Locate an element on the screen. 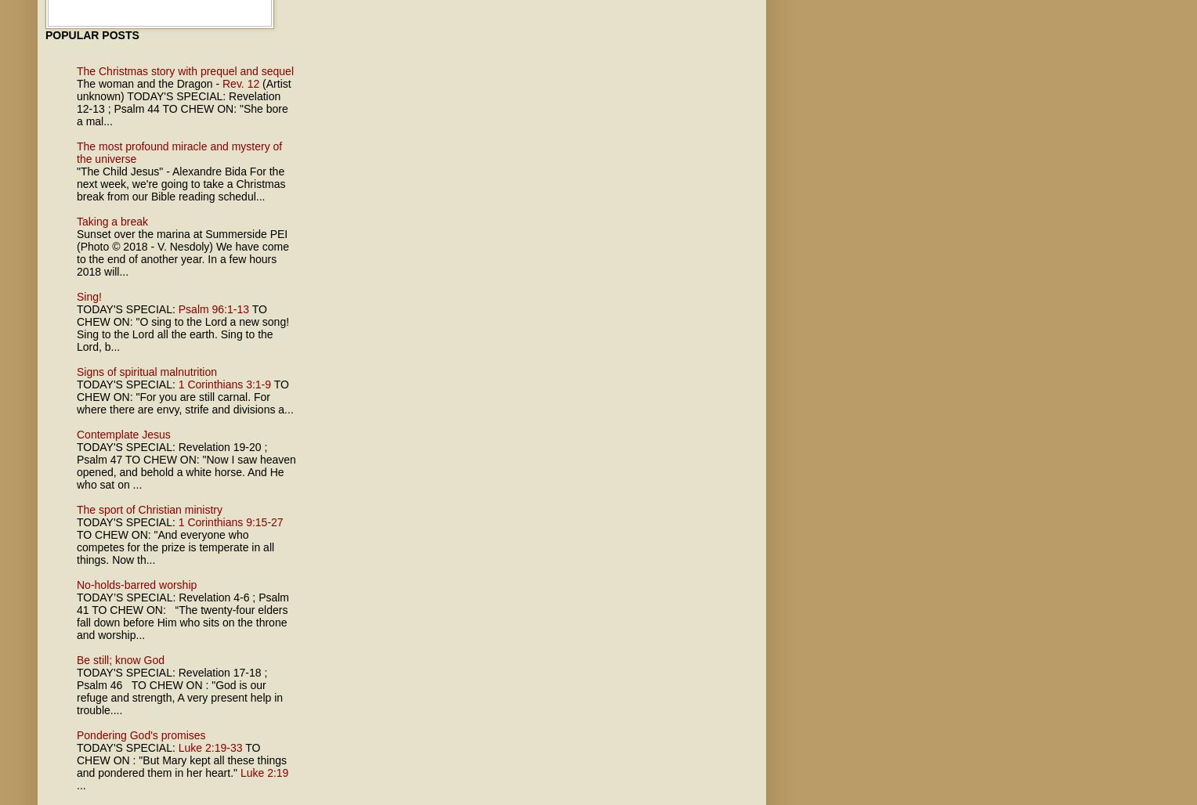 The height and width of the screenshot is (805, 1197). 'Rev. 12' is located at coordinates (240, 83).